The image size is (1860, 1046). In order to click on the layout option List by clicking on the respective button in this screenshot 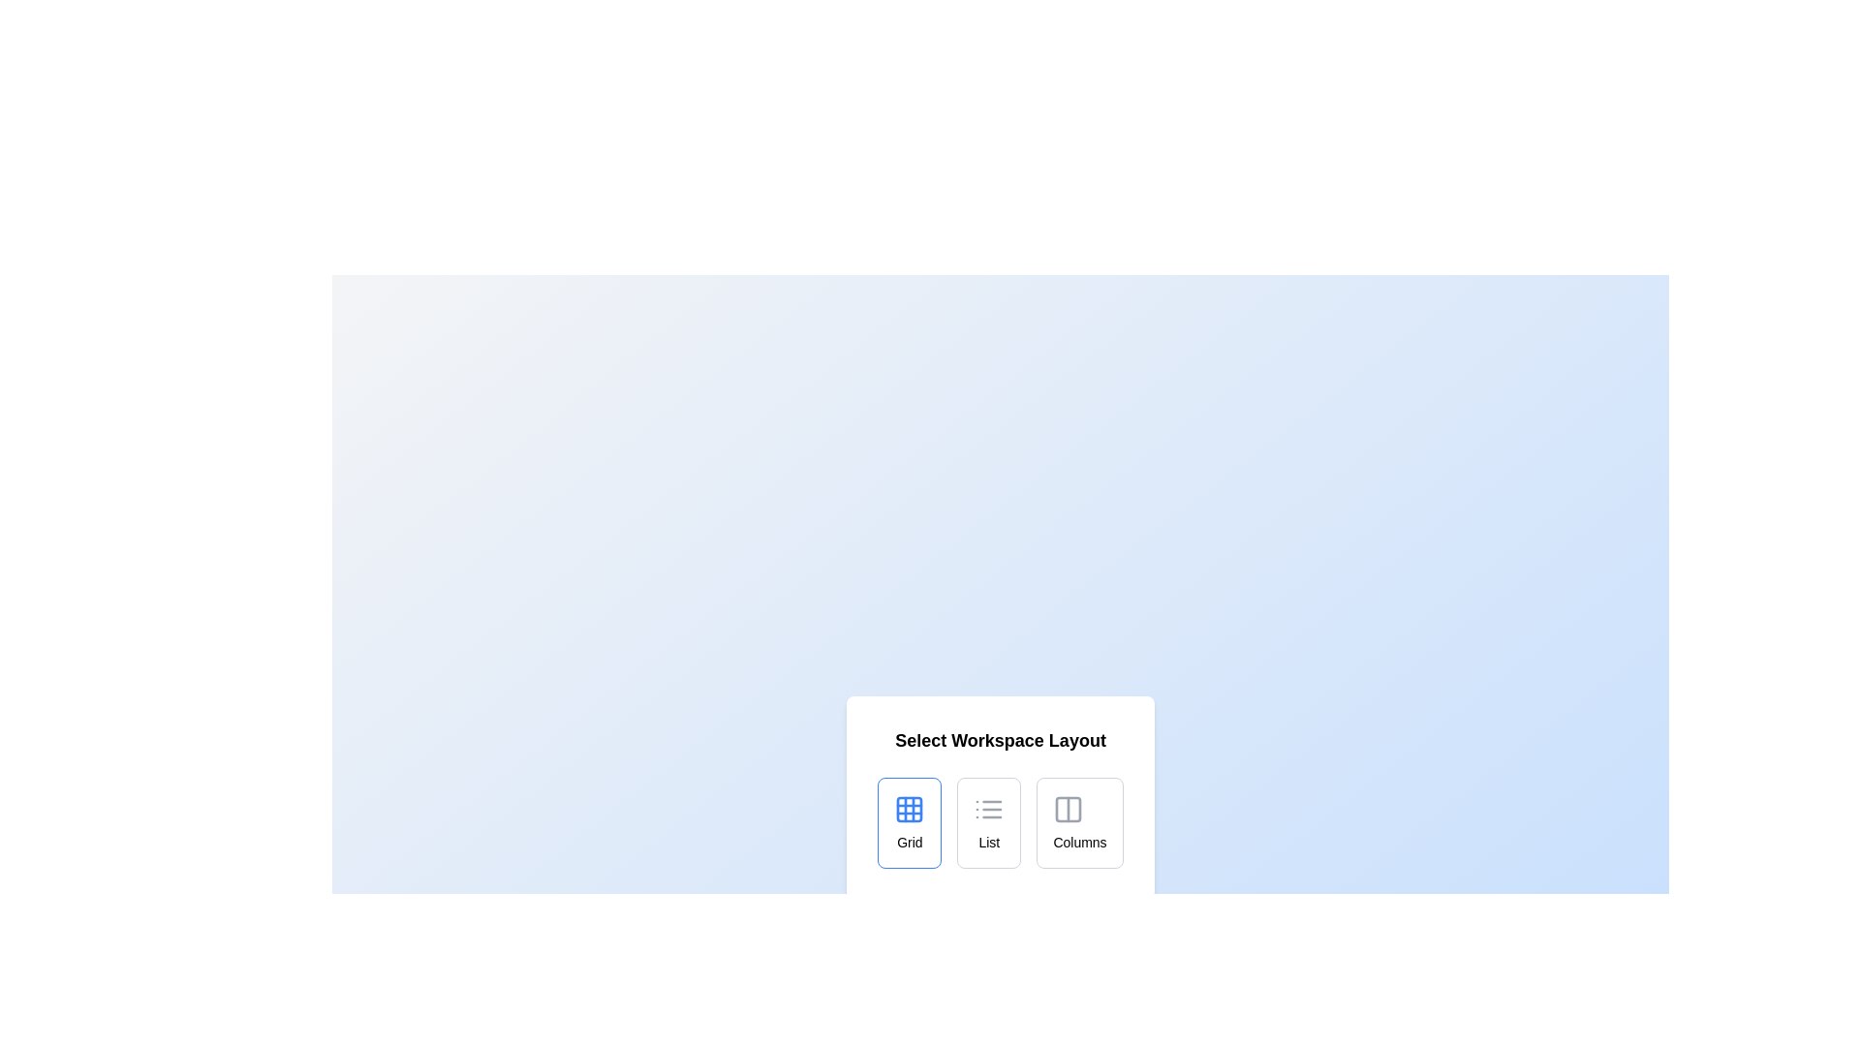, I will do `click(989, 822)`.